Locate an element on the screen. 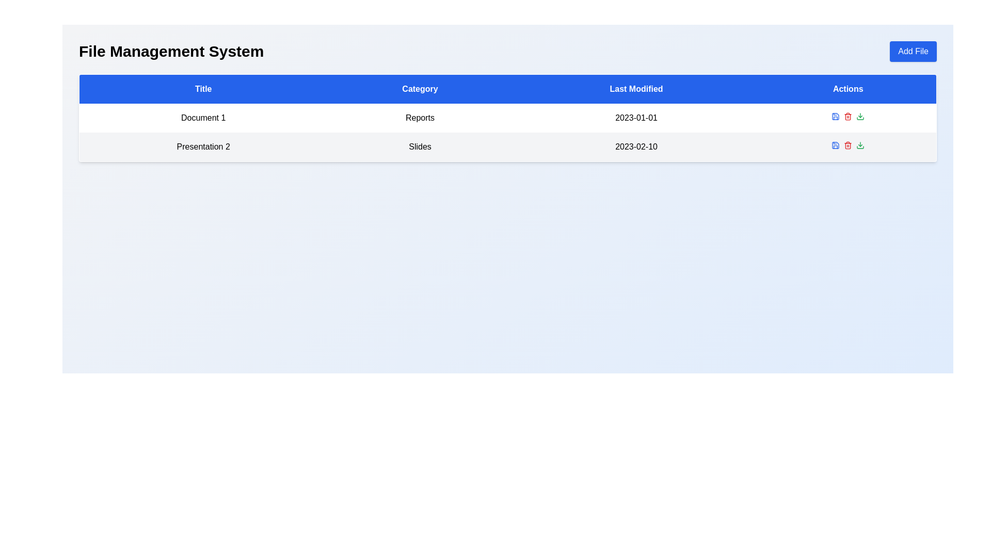 The height and width of the screenshot is (557, 991). the Text Label indicating the category or type of the listed file or document item, located in the second row of the table under the 'Category' column, next to 'Presentation 2' and before '2023-02-10' is located at coordinates (420, 147).